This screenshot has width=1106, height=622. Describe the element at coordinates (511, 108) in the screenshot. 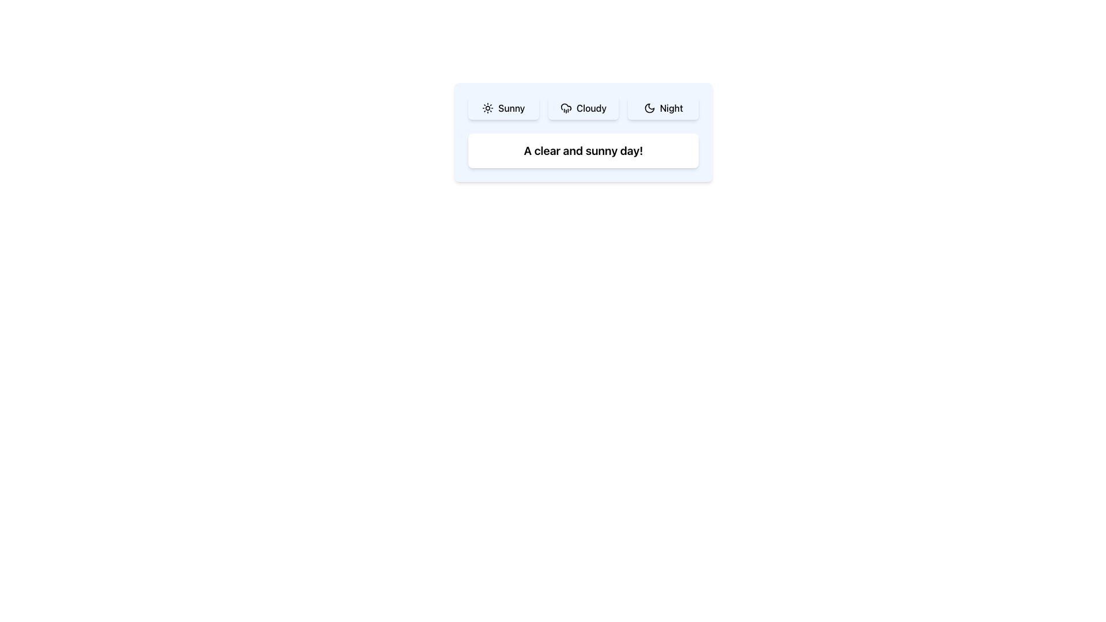

I see `text displayed in the text label that says 'Sunny', which is located within the first button among three aligned buttons at the top of the interface` at that location.